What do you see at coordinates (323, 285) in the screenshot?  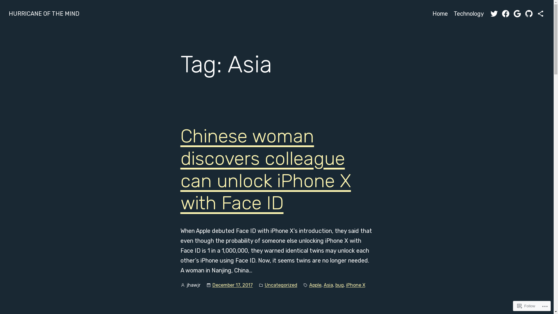 I see `'Asia'` at bounding box center [323, 285].